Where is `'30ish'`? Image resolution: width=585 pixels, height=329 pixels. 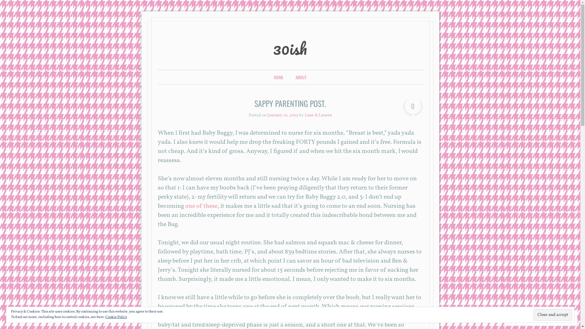
'30ish' is located at coordinates (290, 48).